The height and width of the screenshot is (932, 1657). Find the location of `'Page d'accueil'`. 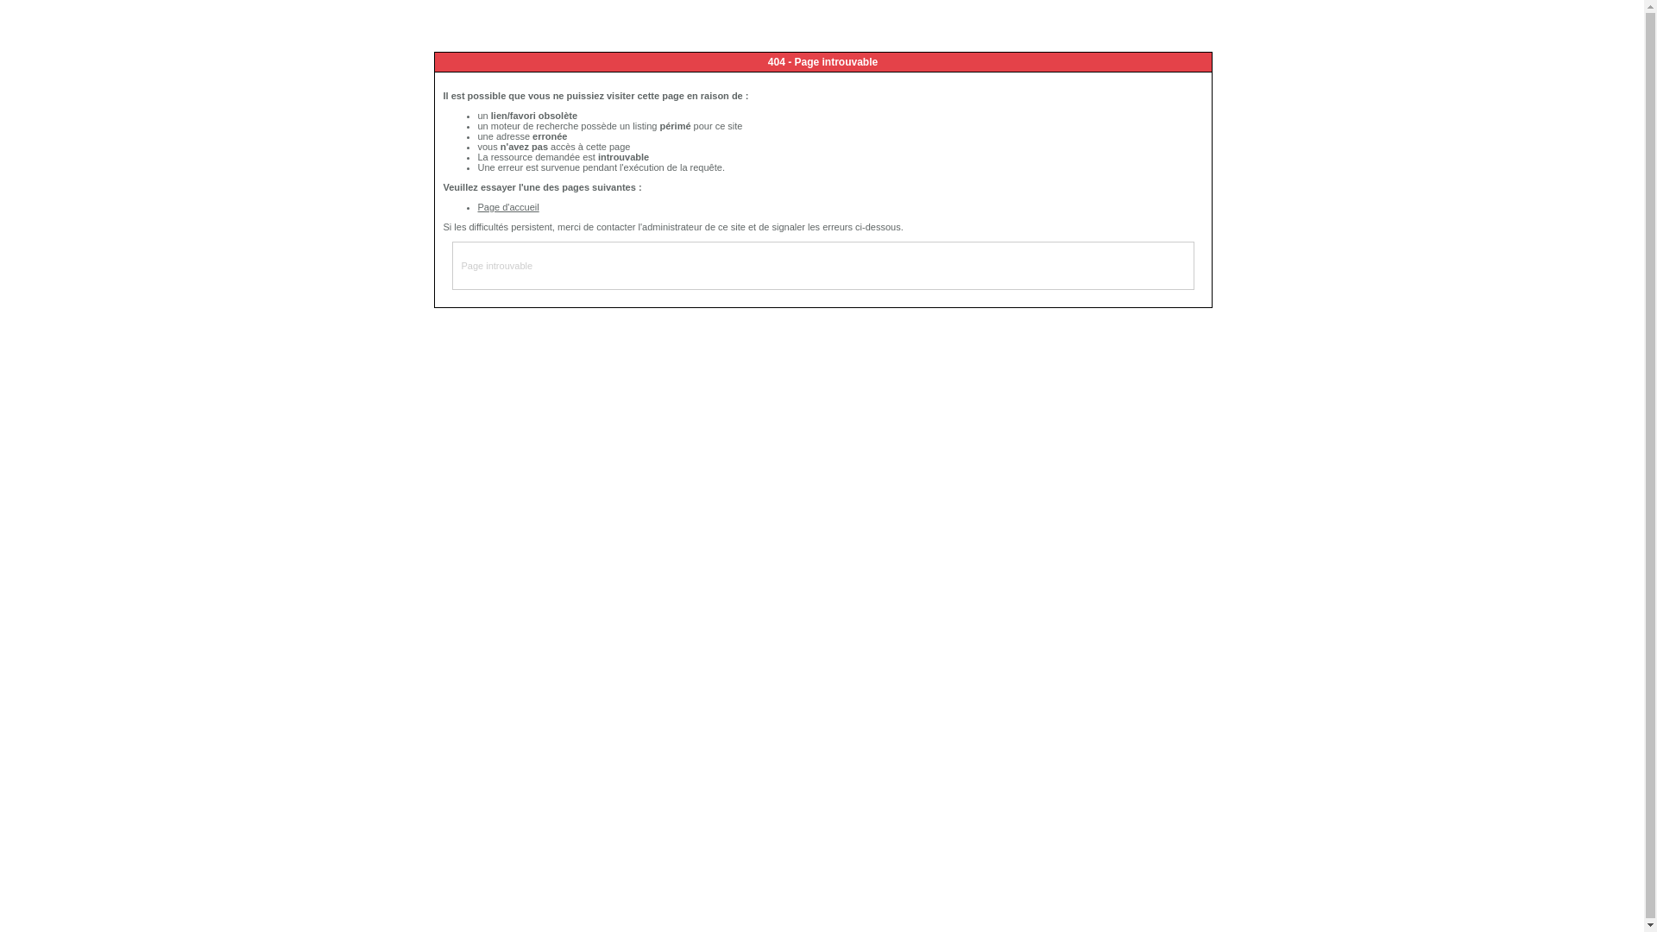

'Page d'accueil' is located at coordinates (507, 205).